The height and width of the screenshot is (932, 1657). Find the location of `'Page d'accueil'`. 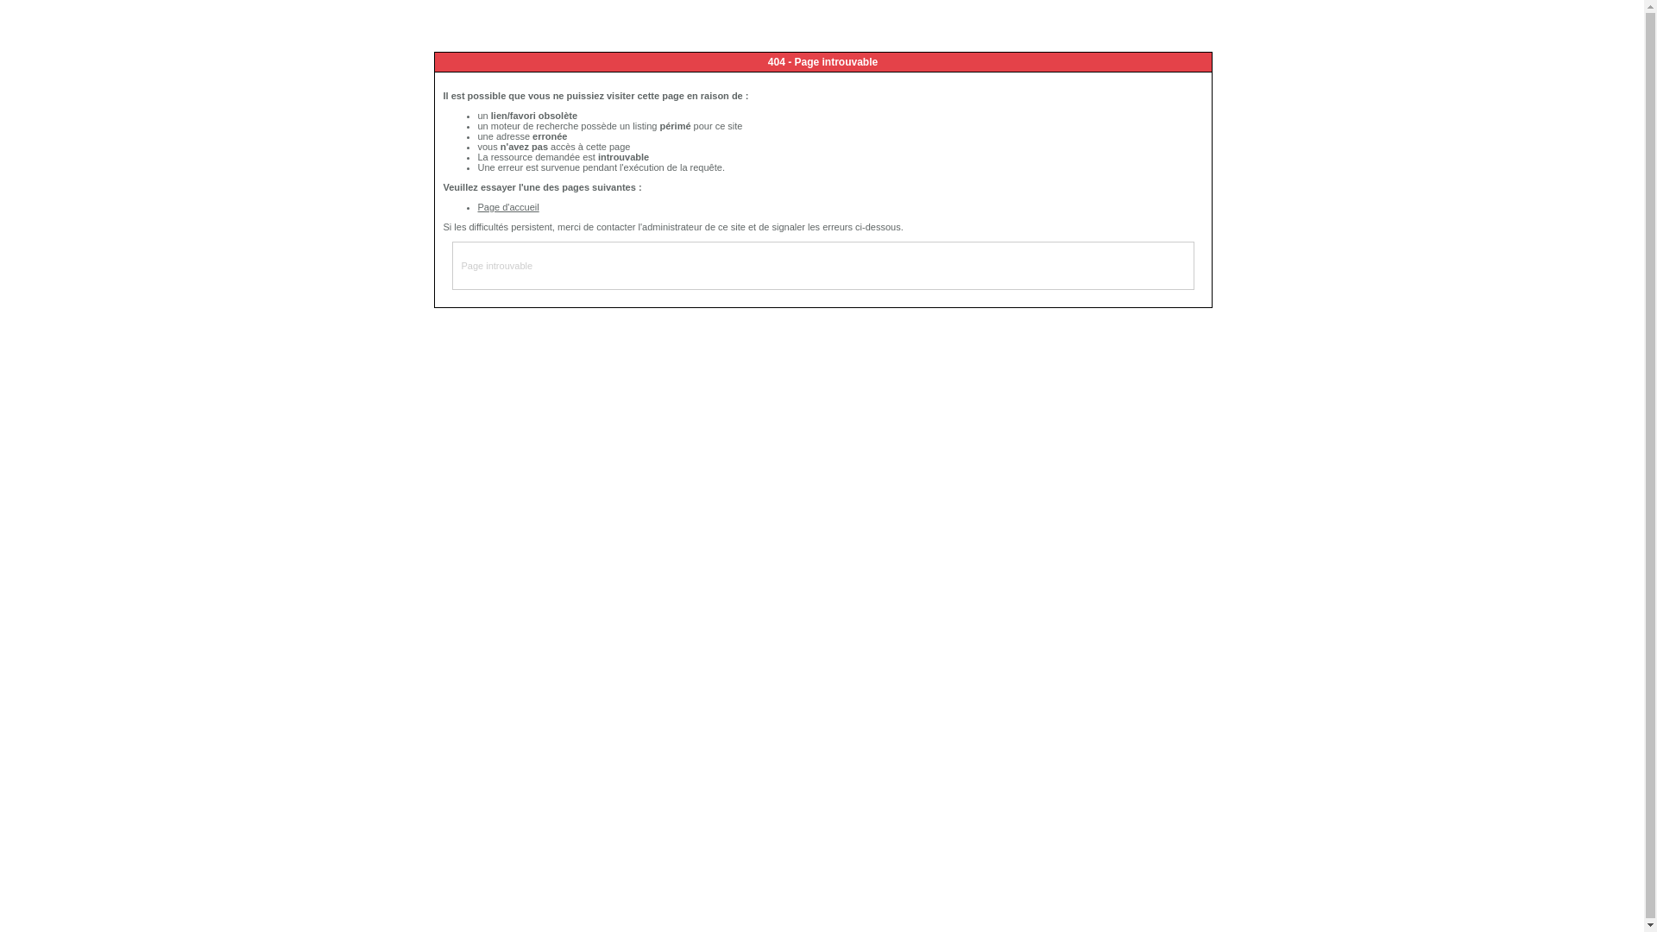

'Page d'accueil' is located at coordinates (507, 205).